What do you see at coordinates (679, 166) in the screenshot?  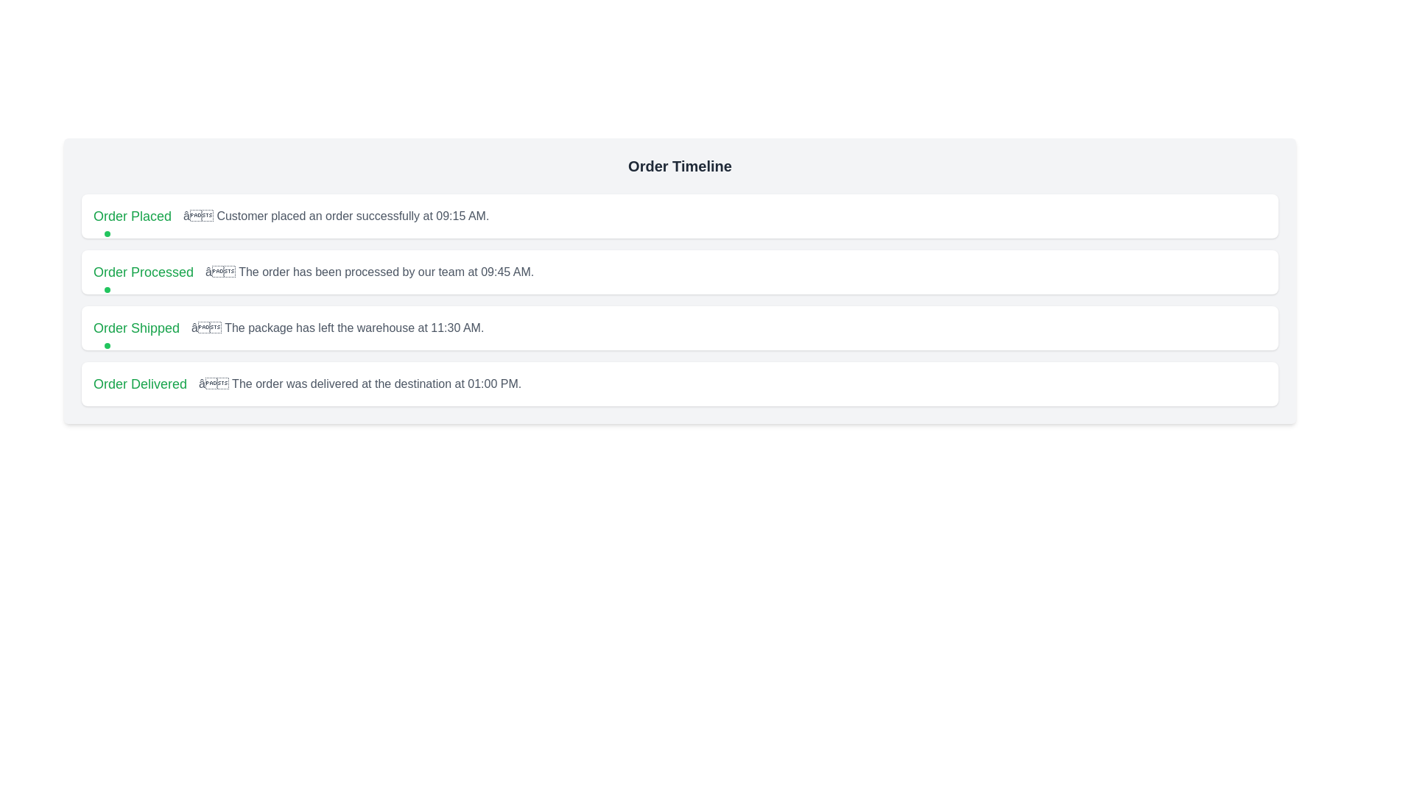 I see `the Header text that serves as a title for the order timeline section, located at the top of the panel and spanning the full width of the panel` at bounding box center [679, 166].